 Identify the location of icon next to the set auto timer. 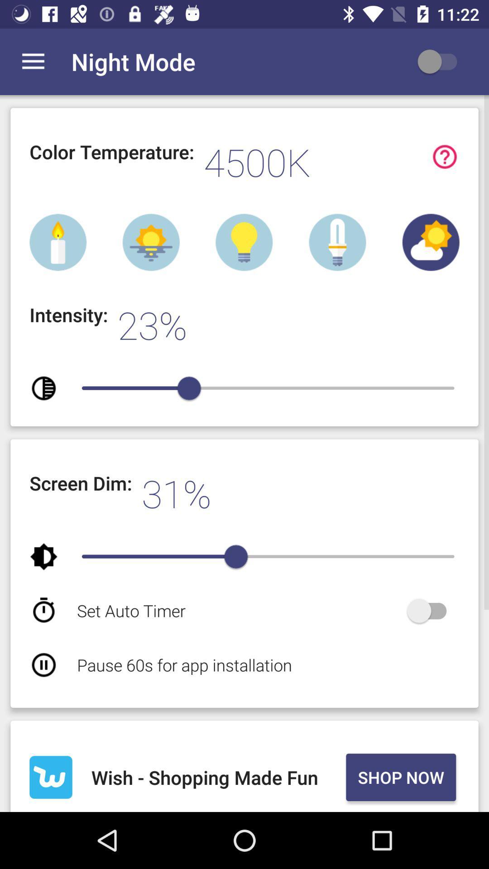
(431, 611).